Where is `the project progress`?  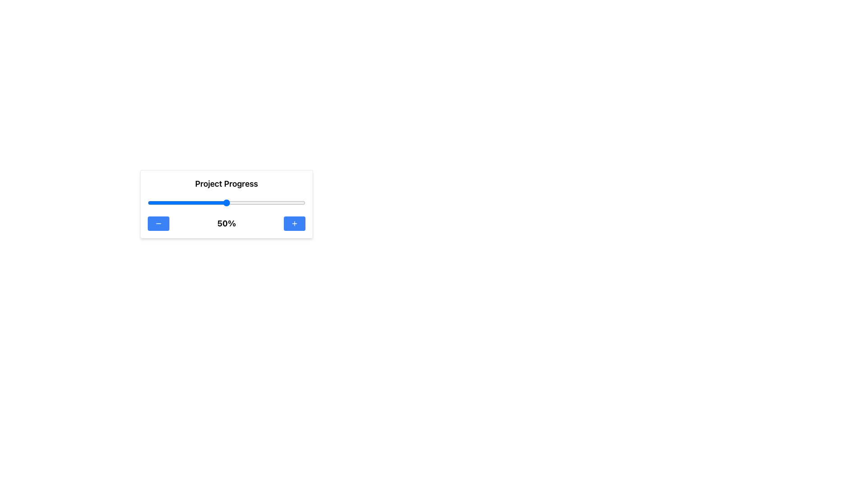
the project progress is located at coordinates (239, 203).